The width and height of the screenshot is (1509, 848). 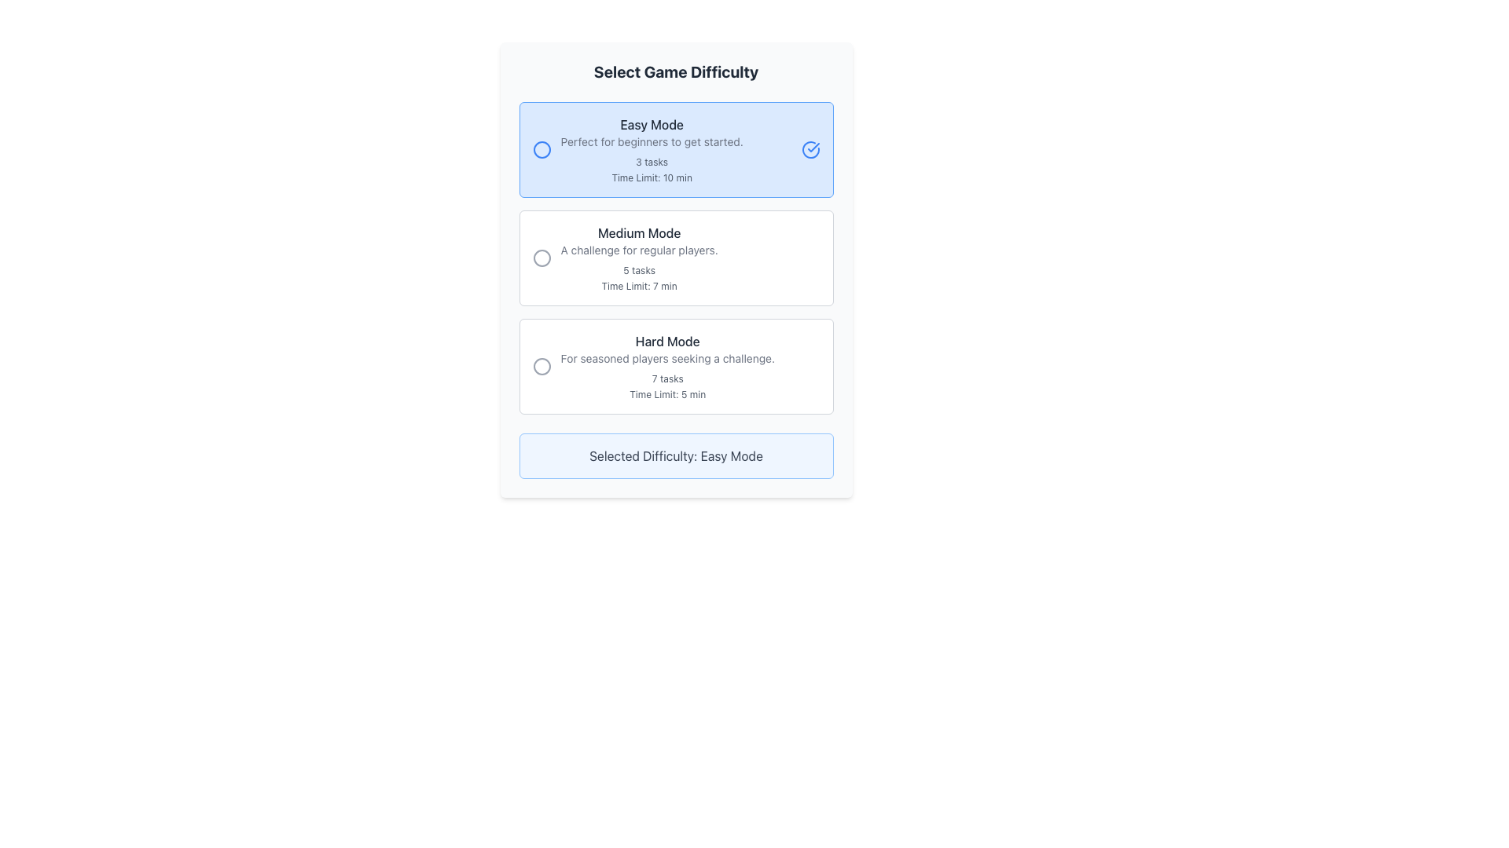 What do you see at coordinates (652, 142) in the screenshot?
I see `the text label displaying 'Perfect for beginners to get started.' located beneath the header 'Easy Mode'` at bounding box center [652, 142].